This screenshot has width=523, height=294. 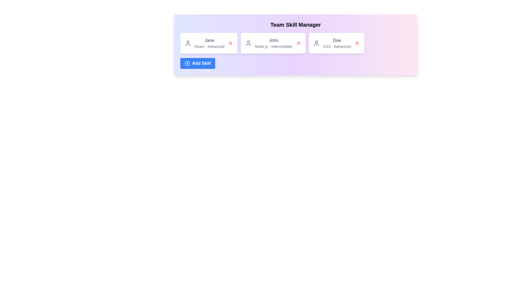 I want to click on the skill card for CSS - Advanced to select it, so click(x=336, y=43).